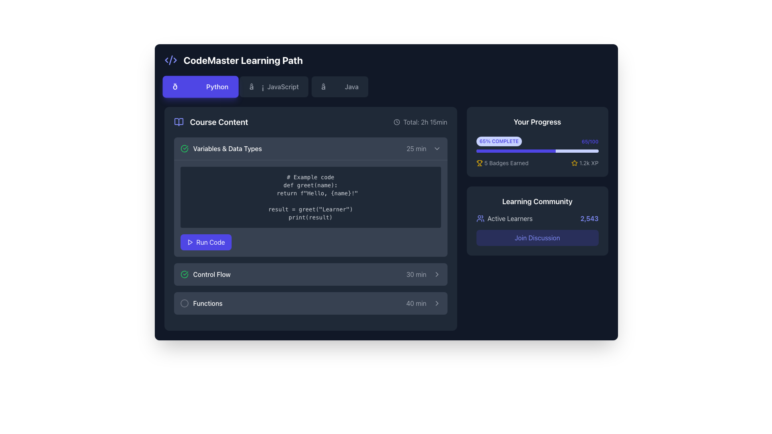 This screenshot has height=434, width=772. Describe the element at coordinates (537, 221) in the screenshot. I see `the 'Join Discussion' button located within the second learning community card in the right-side panel, positioned below the 'Your Progress' card` at that location.